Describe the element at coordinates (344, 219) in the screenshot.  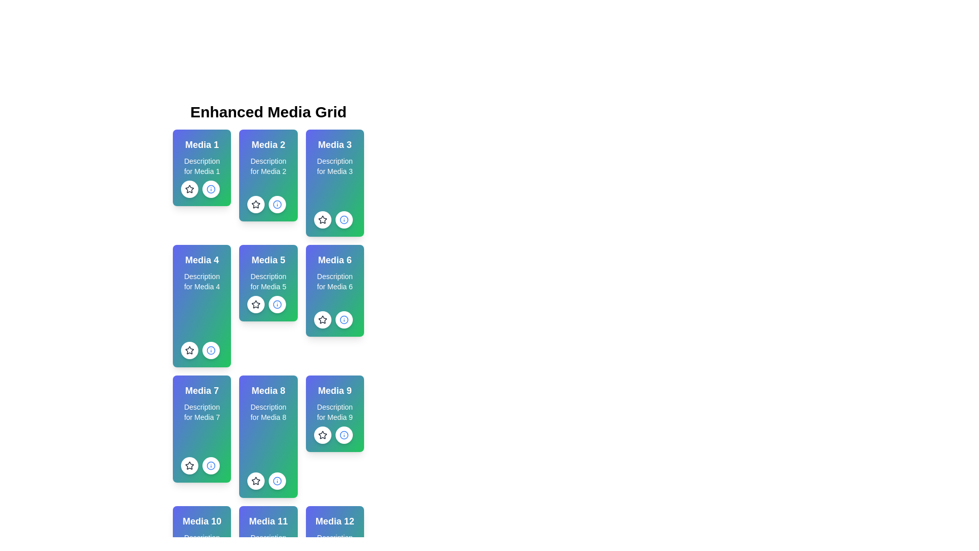
I see `the blue circular 'info' icon located at the bottom right corner of the 'Media 3' tile in the media grid` at that location.